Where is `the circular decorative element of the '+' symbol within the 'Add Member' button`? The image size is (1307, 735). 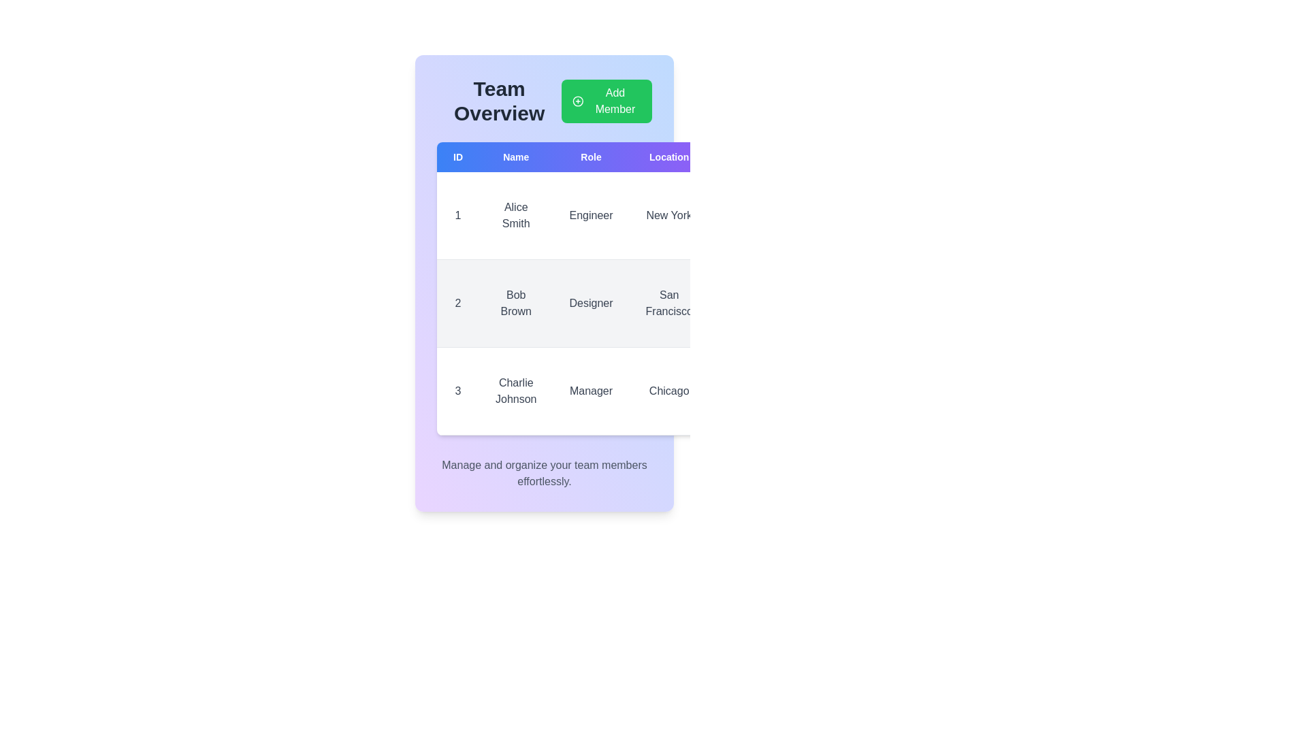
the circular decorative element of the '+' symbol within the 'Add Member' button is located at coordinates (578, 101).